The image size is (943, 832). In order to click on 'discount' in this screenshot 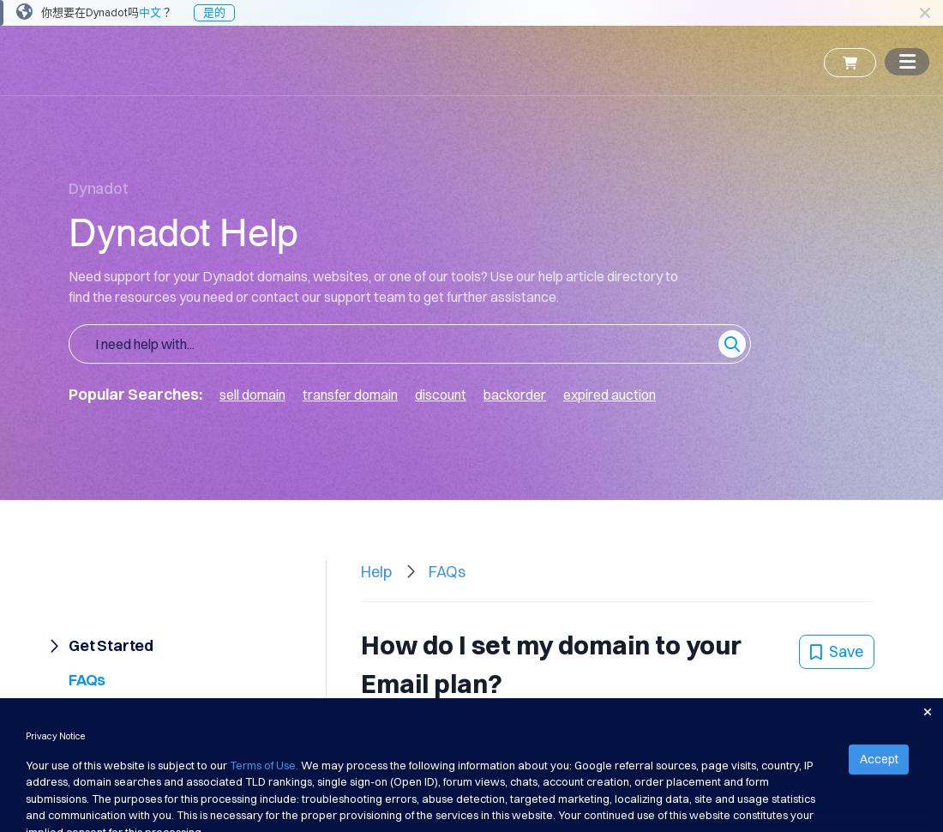, I will do `click(441, 393)`.